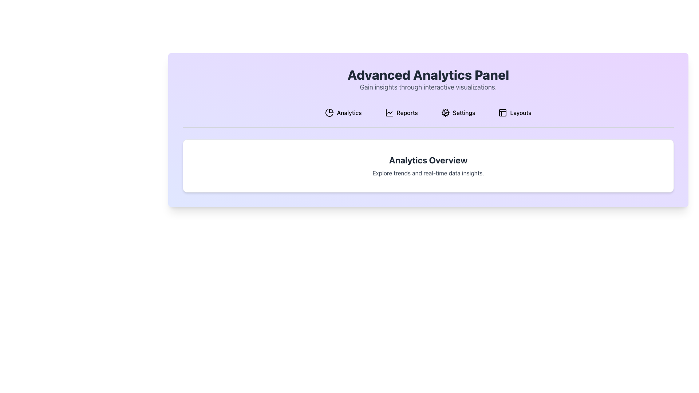  I want to click on text from the Header Content that displays 'Advanced Analytics Panel' and 'Gain insights through interactive visualizations.', so click(428, 80).